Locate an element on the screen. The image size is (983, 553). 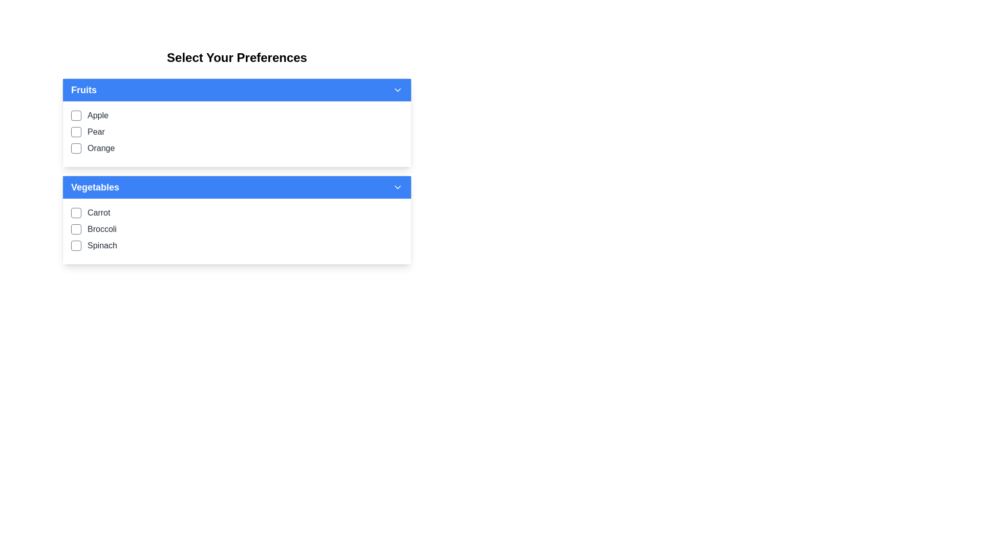
the 'Broccoli' label in the 'Vegetables' section, which is located beneath 'Carrot' and above 'Spinach', adjacent to its corresponding checkbox is located at coordinates (102, 228).